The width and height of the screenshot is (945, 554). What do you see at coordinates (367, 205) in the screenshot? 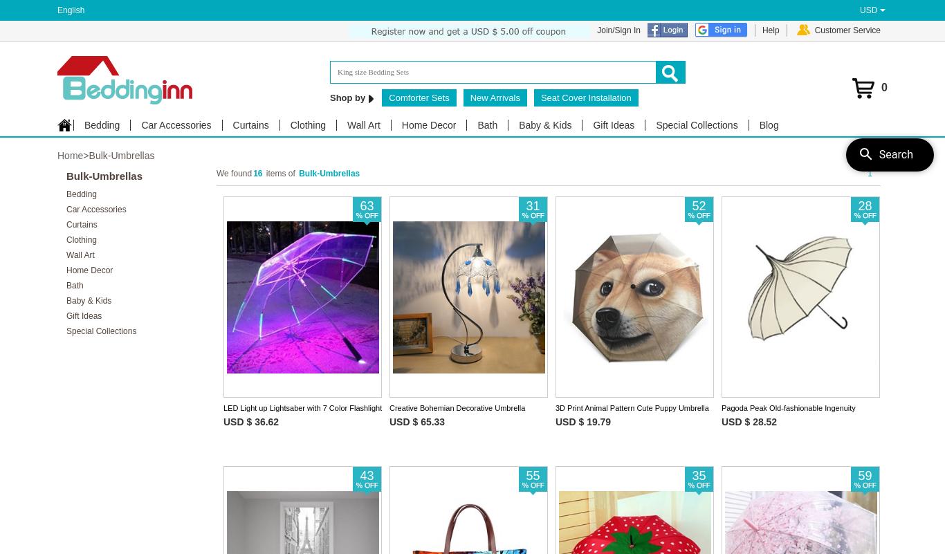
I see `'63'` at bounding box center [367, 205].